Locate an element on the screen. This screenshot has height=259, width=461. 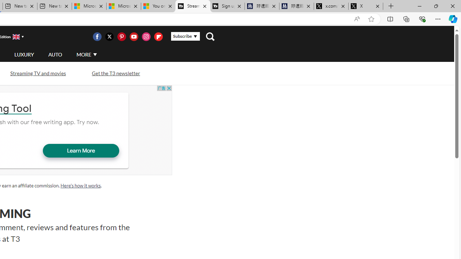
'Streaming Coverage | T3' is located at coordinates (193, 6).